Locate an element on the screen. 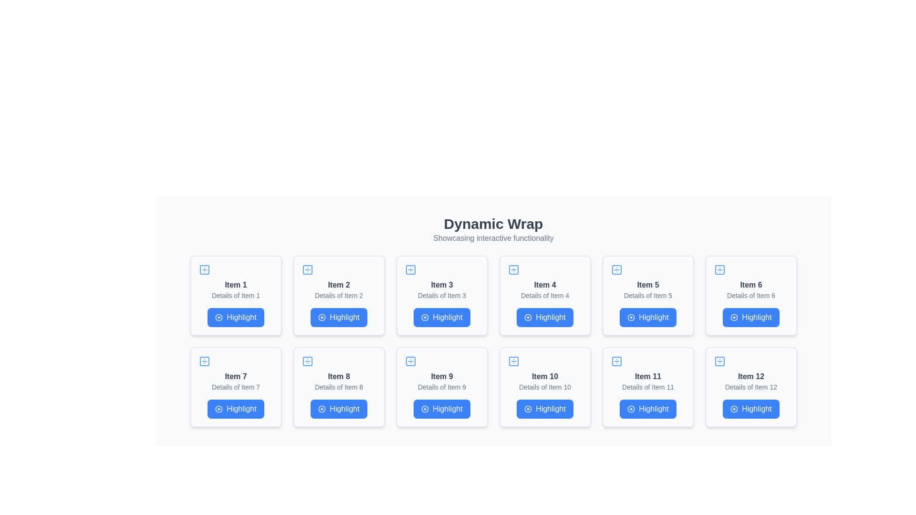 The height and width of the screenshot is (515, 916). the blue circular icon with a plus symbol inside the button labeled 'Highlight' under the card titled 'Item 2' in the second position of the grid layout is located at coordinates (322, 318).